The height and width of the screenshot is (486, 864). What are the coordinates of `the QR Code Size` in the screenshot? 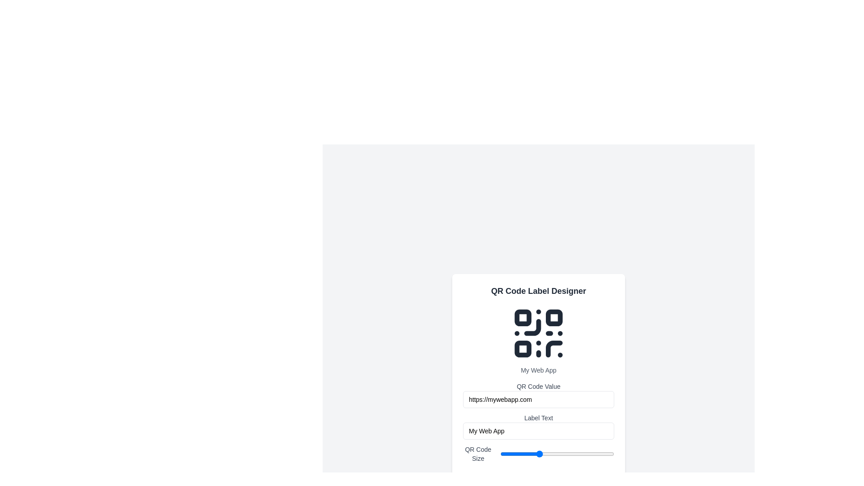 It's located at (583, 454).